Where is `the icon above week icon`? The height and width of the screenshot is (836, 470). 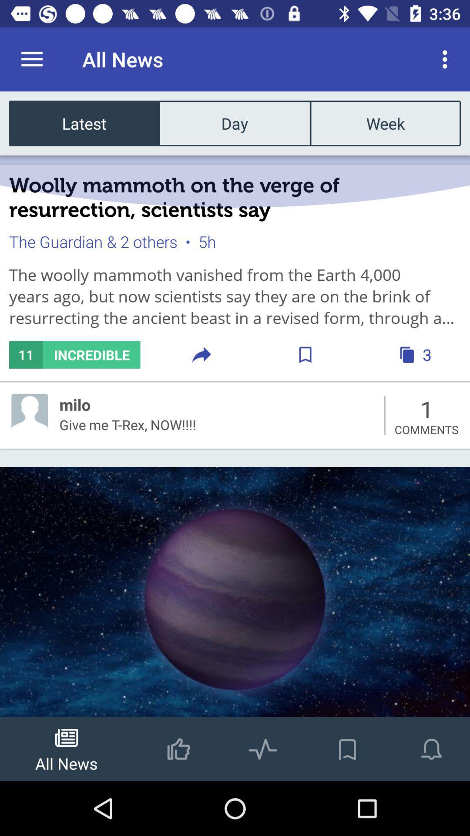 the icon above week icon is located at coordinates (447, 59).